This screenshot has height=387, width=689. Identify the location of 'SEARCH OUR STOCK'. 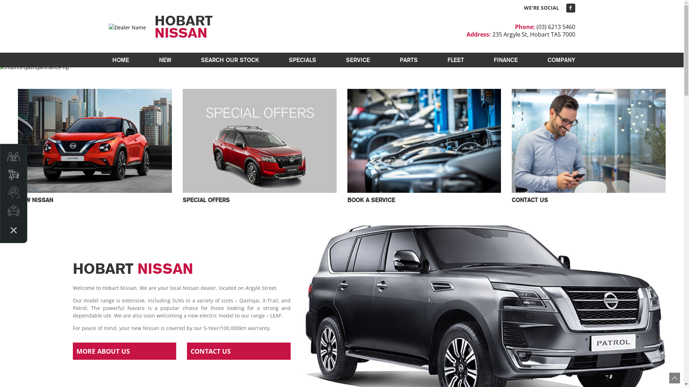
(230, 59).